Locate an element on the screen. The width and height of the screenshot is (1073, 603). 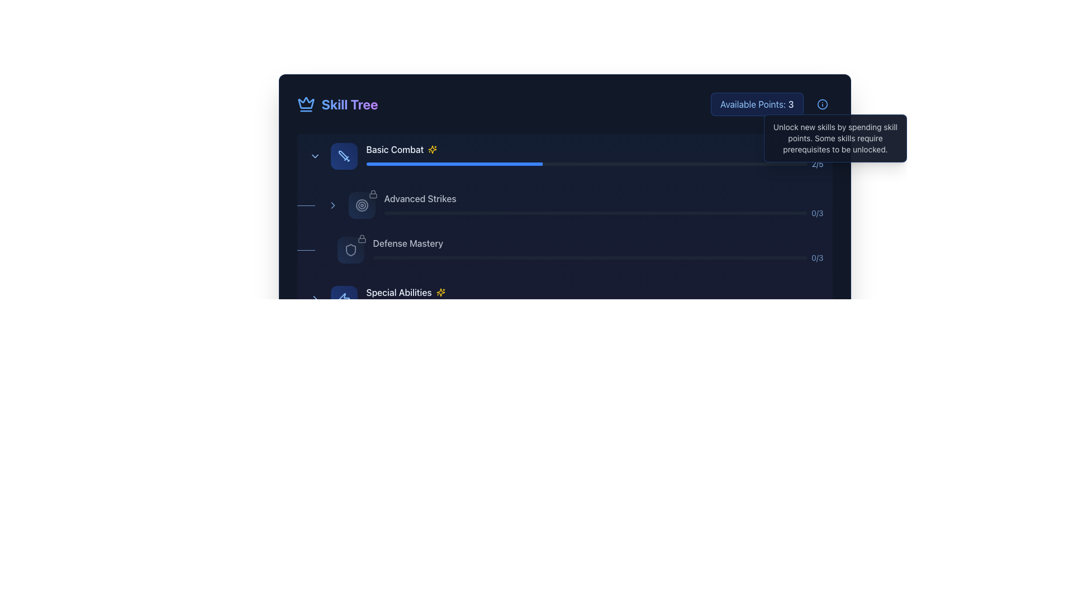
the visual state of the blue progress bar segment located beneath the 'Special Abilities' text in the skill tree interface is located at coordinates (421, 307).